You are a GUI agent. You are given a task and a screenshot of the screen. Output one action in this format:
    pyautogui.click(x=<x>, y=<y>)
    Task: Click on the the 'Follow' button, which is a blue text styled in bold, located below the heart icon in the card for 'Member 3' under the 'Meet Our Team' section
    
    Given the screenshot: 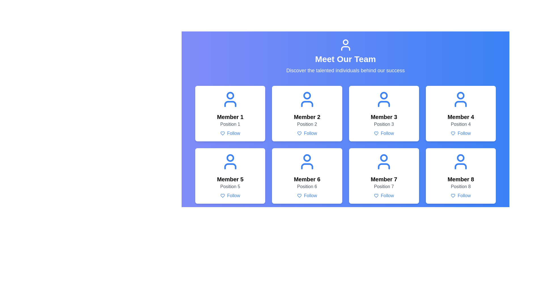 What is the action you would take?
    pyautogui.click(x=387, y=133)
    